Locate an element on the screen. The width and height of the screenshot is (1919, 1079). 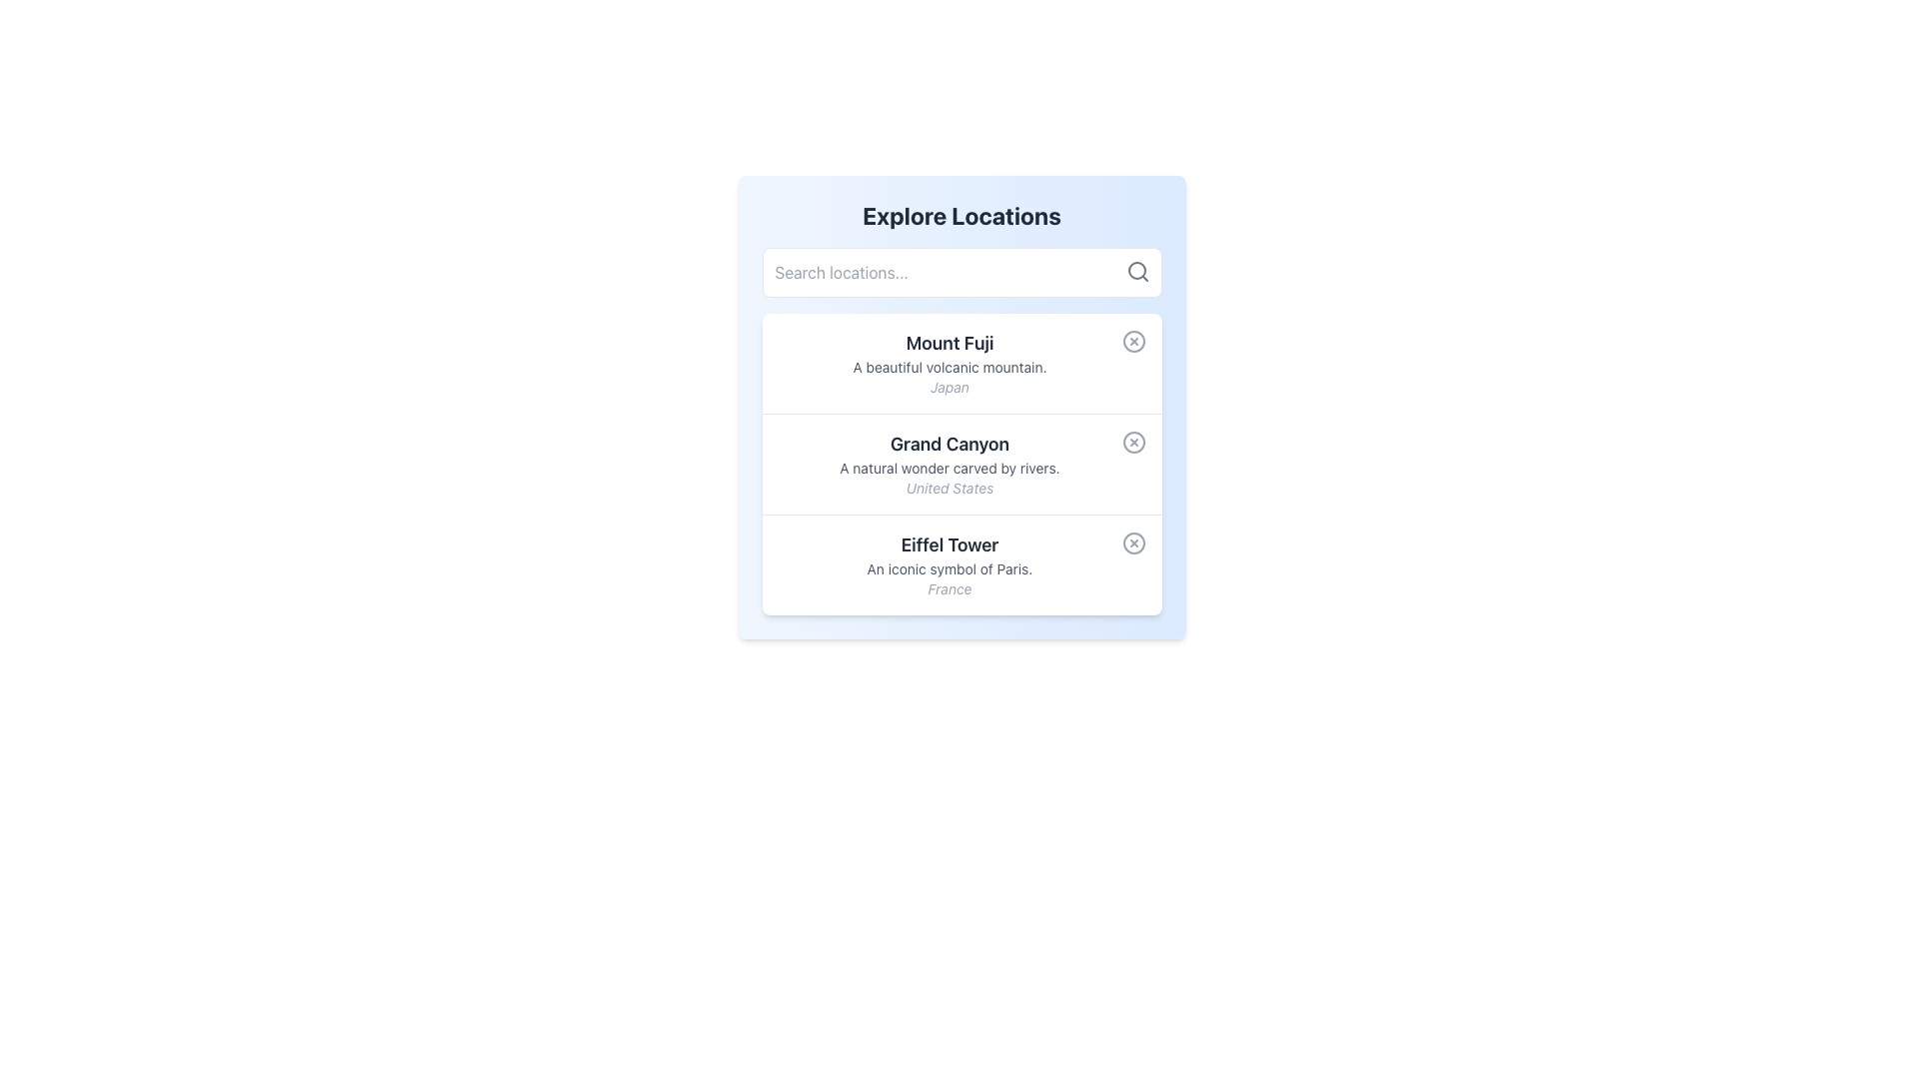
the decorative circle in the SVG graphic that is associated with the 'Eiffel Tower' list item, positioned on the far right of the list item is located at coordinates (1133, 542).